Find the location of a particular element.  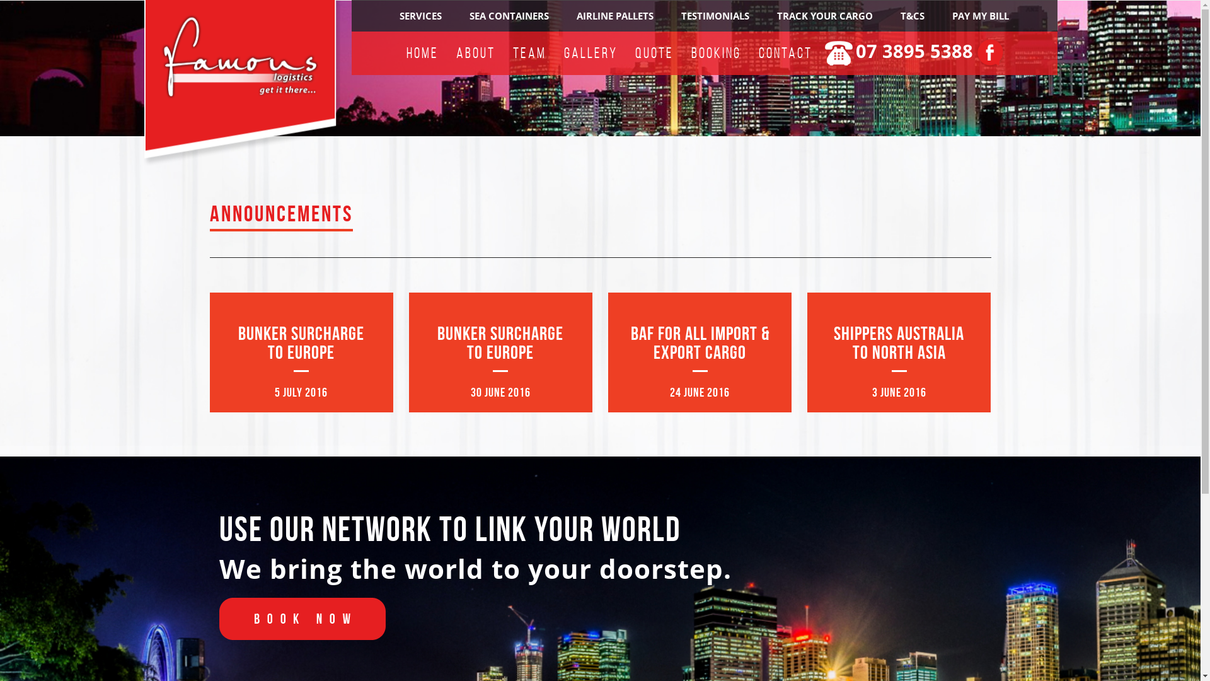

'3 JUNE 2016' is located at coordinates (898, 389).